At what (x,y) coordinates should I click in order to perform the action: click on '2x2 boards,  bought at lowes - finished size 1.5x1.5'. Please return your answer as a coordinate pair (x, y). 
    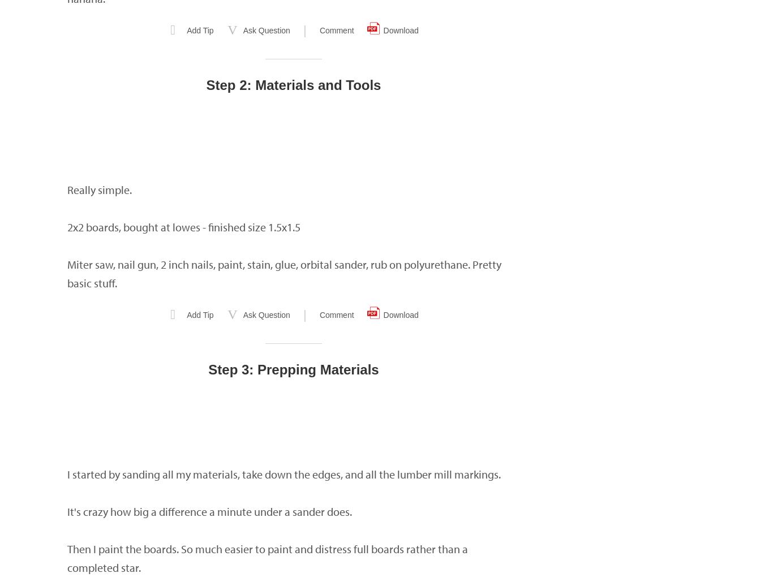
    Looking at the image, I should click on (66, 227).